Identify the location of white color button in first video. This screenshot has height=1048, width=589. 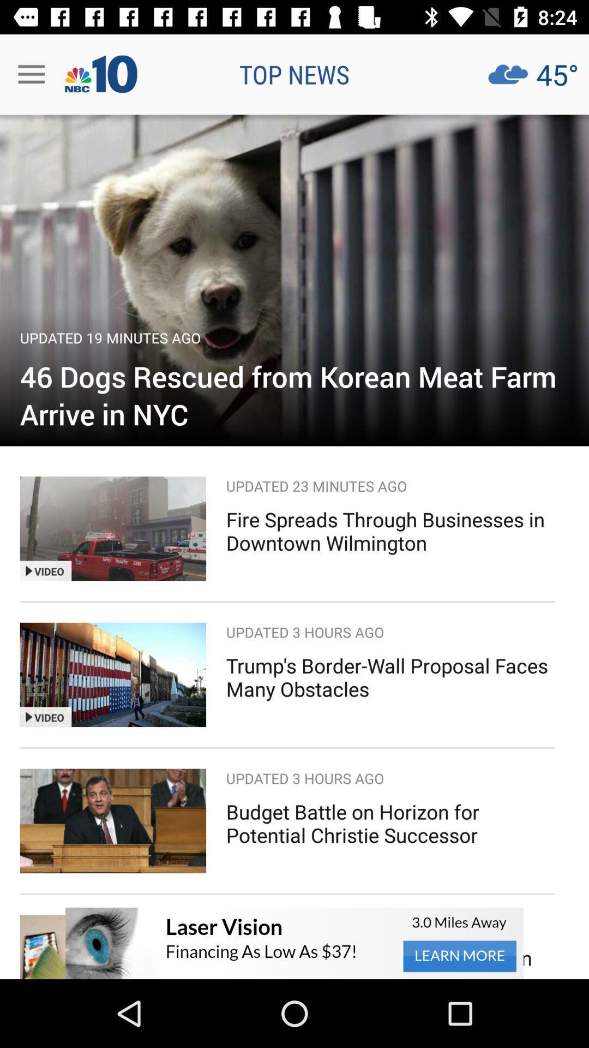
(55, 570).